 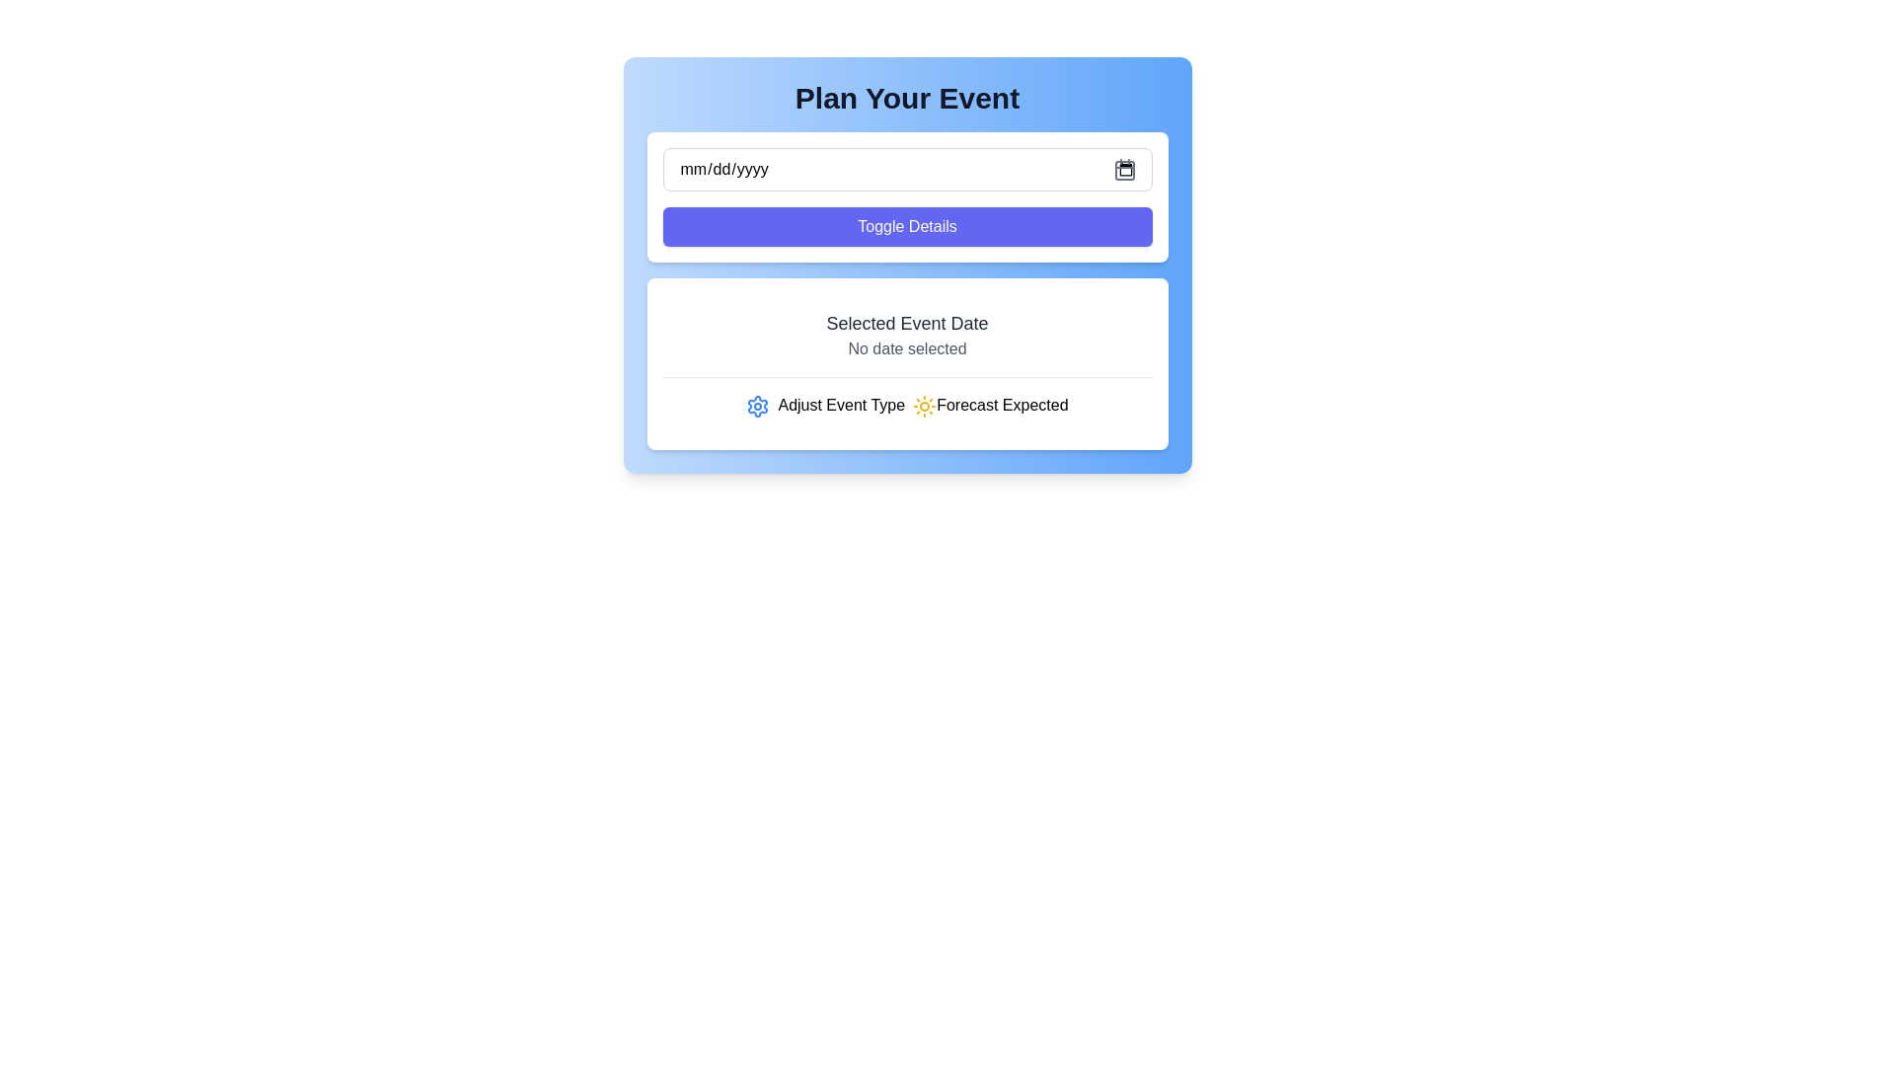 What do you see at coordinates (906, 99) in the screenshot?
I see `the title heading indicating the purpose of the interface for planning an event, which is located at the top of a gradient blue styled box` at bounding box center [906, 99].